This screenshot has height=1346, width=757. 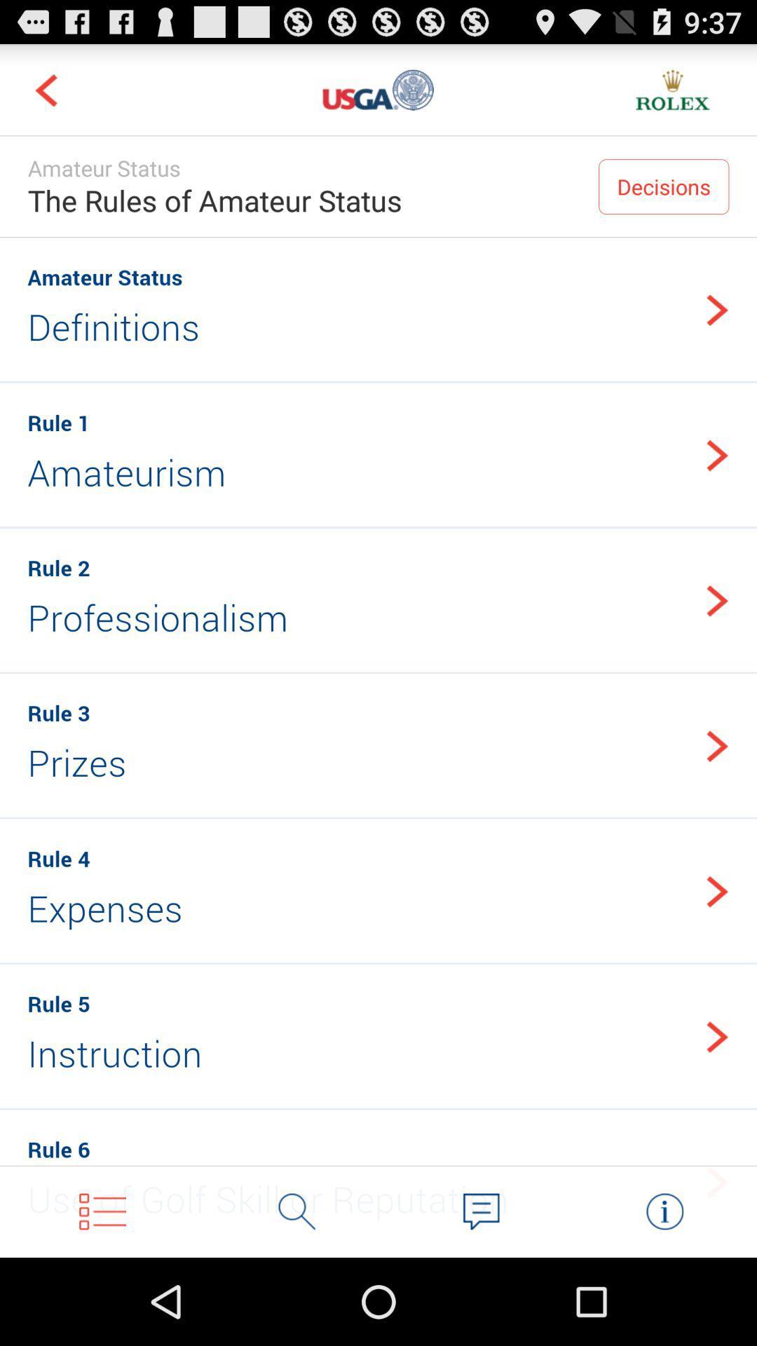 What do you see at coordinates (45, 89) in the screenshot?
I see `go back` at bounding box center [45, 89].